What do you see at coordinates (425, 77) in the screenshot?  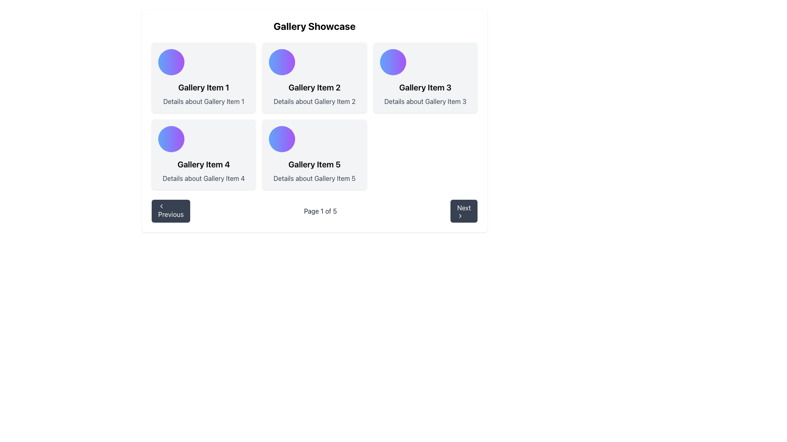 I see `contents of the Card representing 'Gallery Item 3', which is located in the top-right corner of the grid layout` at bounding box center [425, 77].